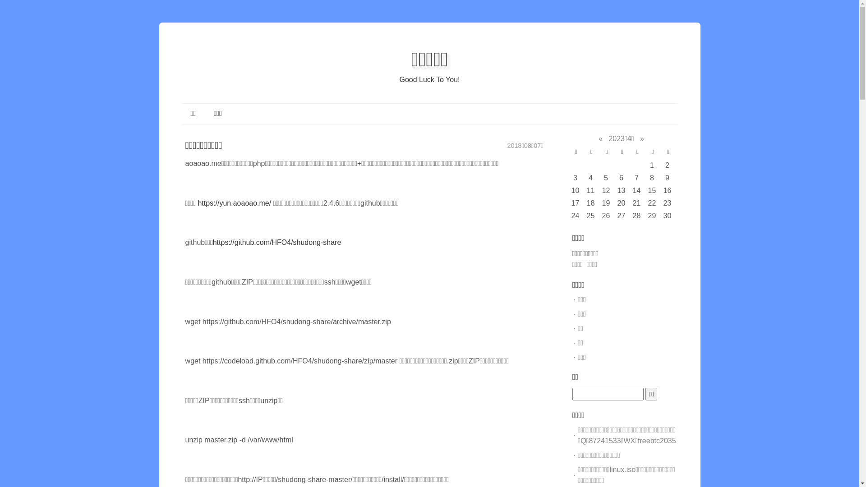  Describe the element at coordinates (197, 203) in the screenshot. I see `'https://yun.aoaoao.me/'` at that location.